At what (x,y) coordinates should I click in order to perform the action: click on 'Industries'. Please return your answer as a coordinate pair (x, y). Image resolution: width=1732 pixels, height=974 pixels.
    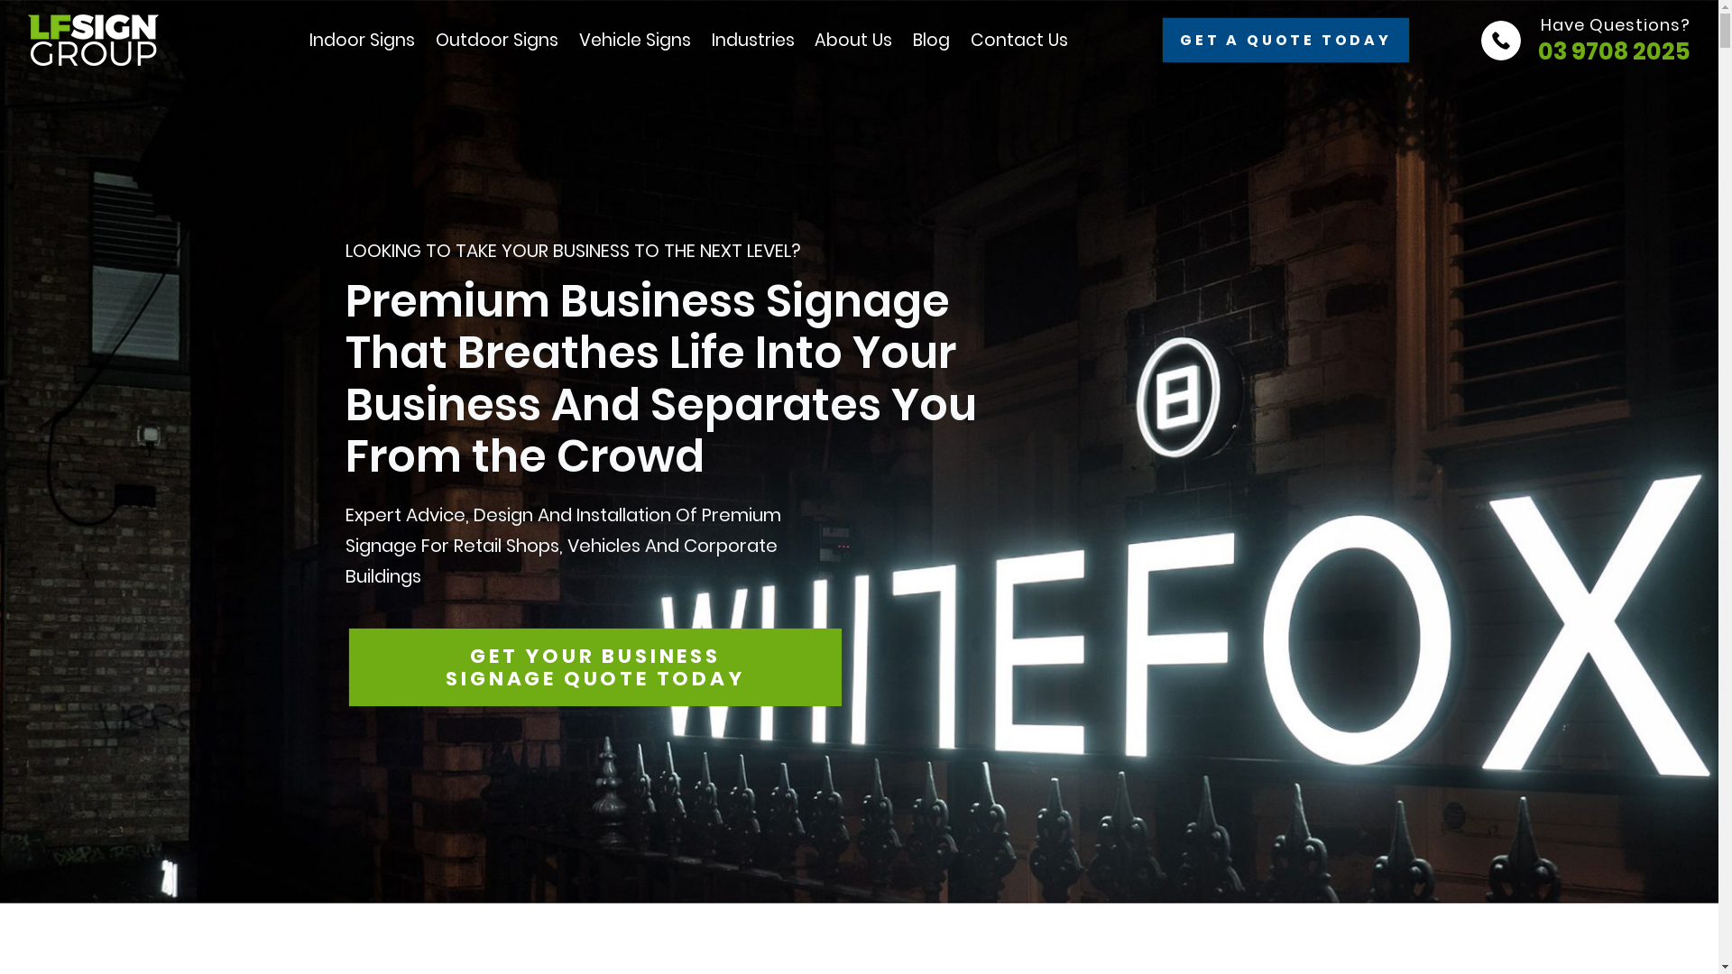
    Looking at the image, I should click on (753, 41).